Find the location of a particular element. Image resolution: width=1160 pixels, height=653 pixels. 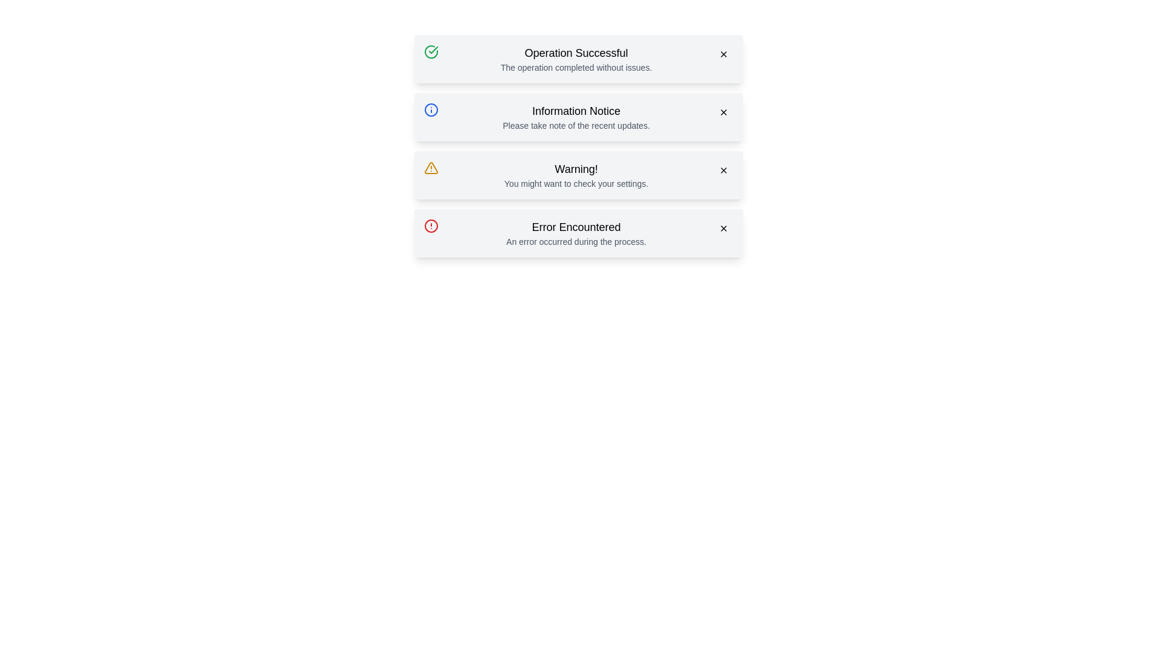

close button of the alert with the title Warning! is located at coordinates (724, 170).